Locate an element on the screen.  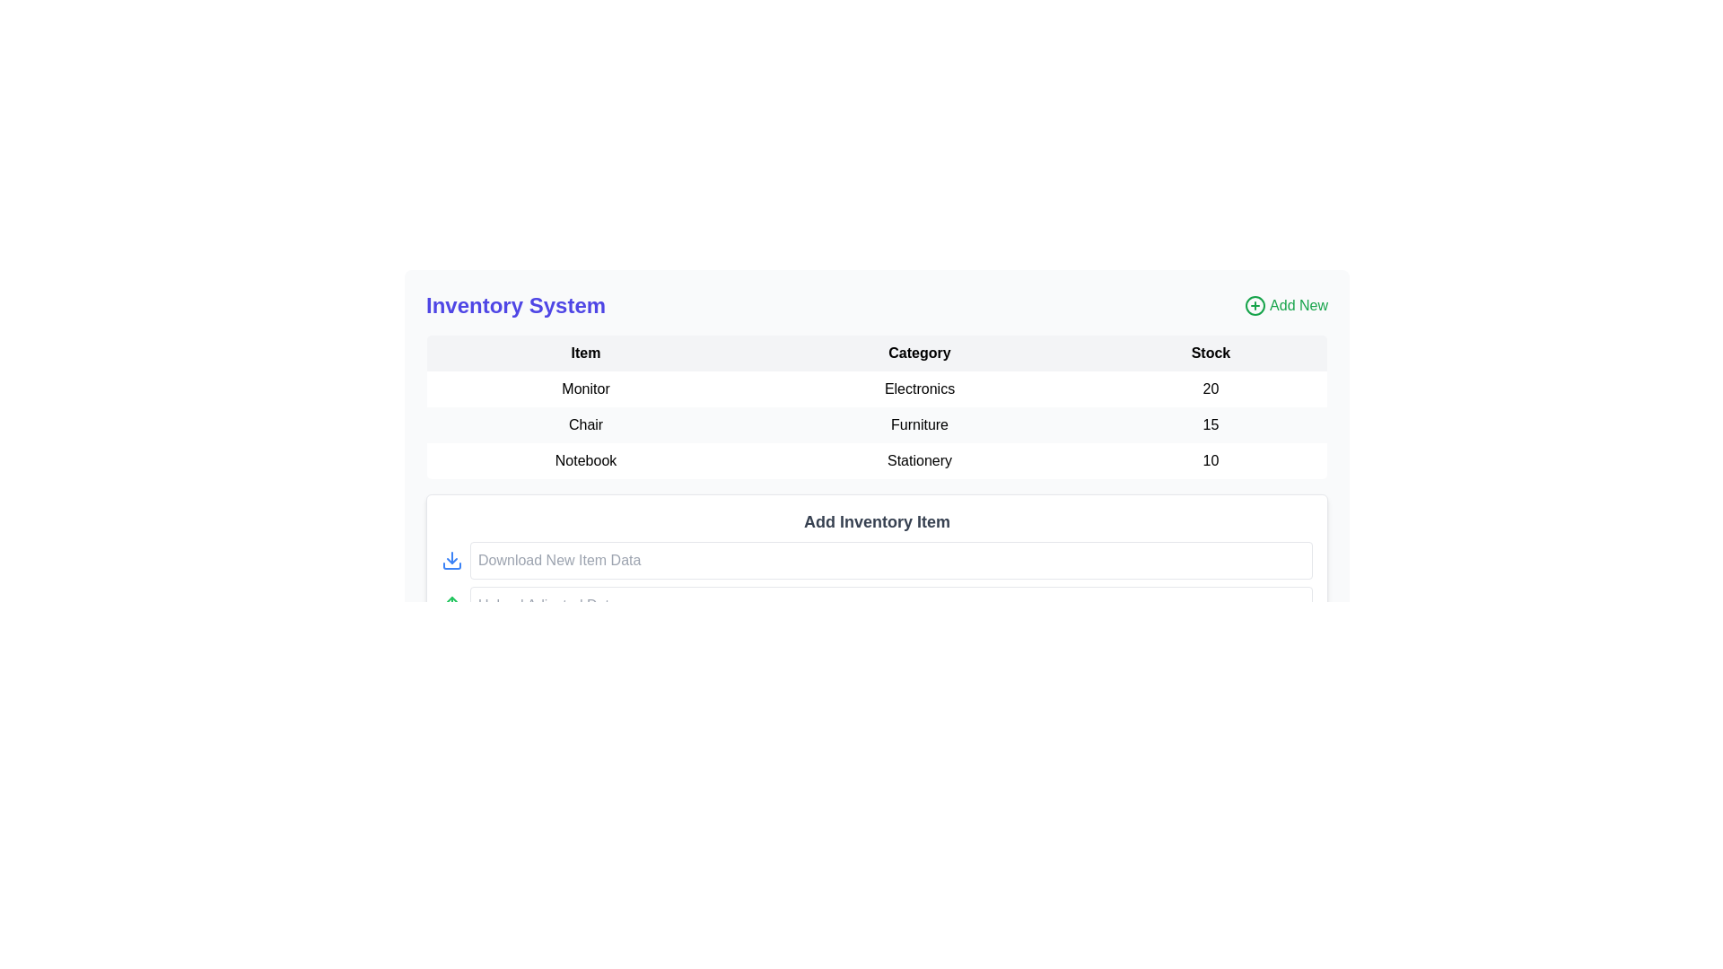
the static text label displaying 'Electronics', which is centered in the 'Category' column of the table row for 'Monitor' is located at coordinates (920, 388).